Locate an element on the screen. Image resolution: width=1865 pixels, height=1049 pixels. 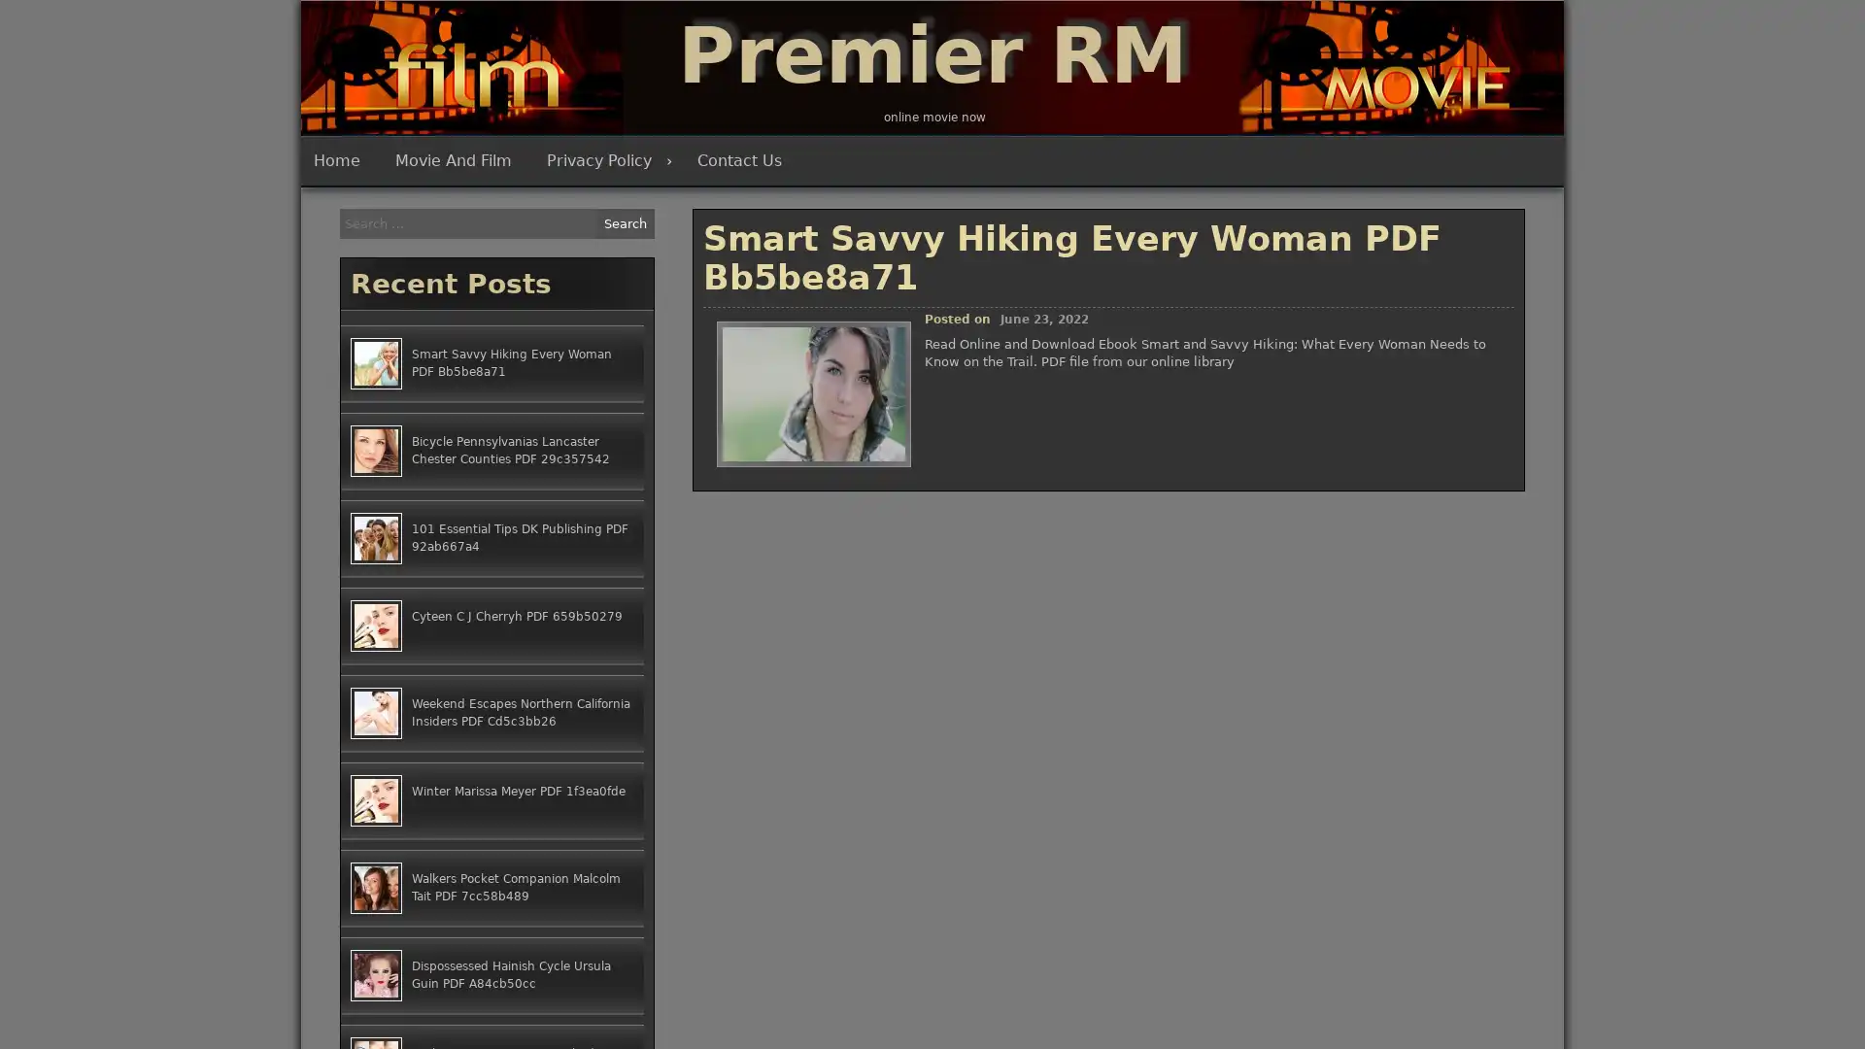
Search is located at coordinates (625, 222).